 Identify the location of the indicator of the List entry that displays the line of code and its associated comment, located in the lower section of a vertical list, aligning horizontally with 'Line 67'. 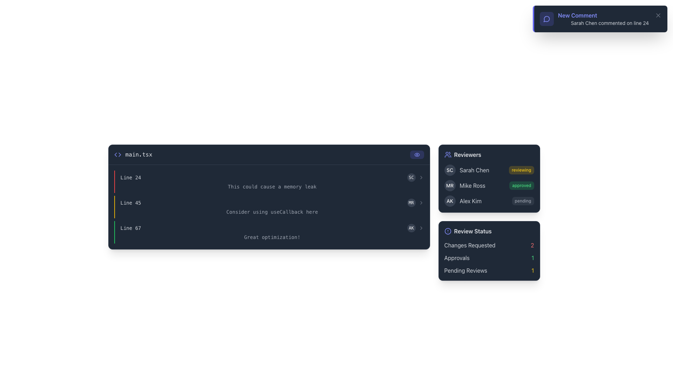
(268, 232).